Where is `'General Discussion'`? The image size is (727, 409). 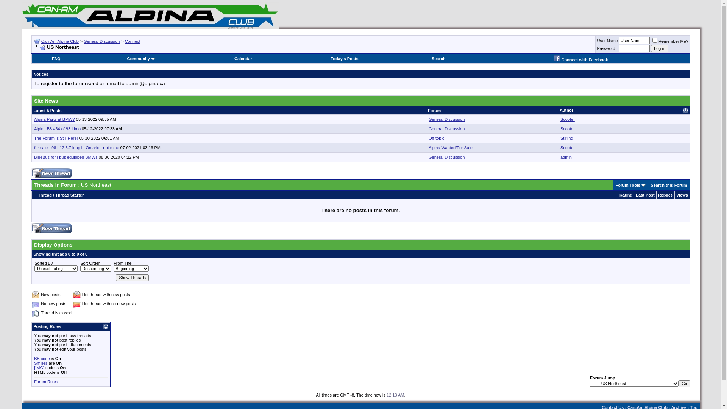 'General Discussion' is located at coordinates (446, 119).